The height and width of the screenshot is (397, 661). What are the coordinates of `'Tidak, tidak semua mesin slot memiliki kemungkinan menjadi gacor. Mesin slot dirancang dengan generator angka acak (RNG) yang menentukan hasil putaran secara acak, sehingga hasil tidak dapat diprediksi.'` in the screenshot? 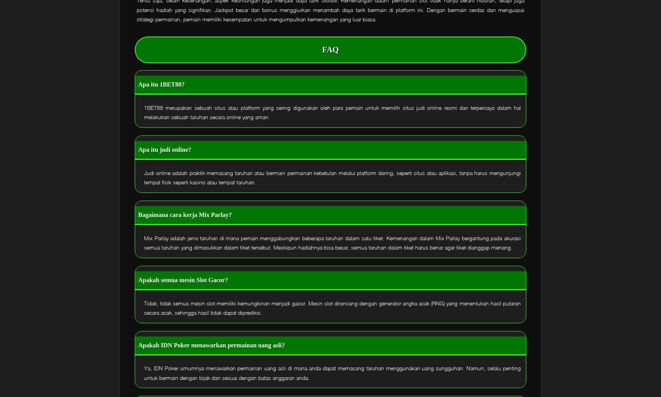 It's located at (332, 308).